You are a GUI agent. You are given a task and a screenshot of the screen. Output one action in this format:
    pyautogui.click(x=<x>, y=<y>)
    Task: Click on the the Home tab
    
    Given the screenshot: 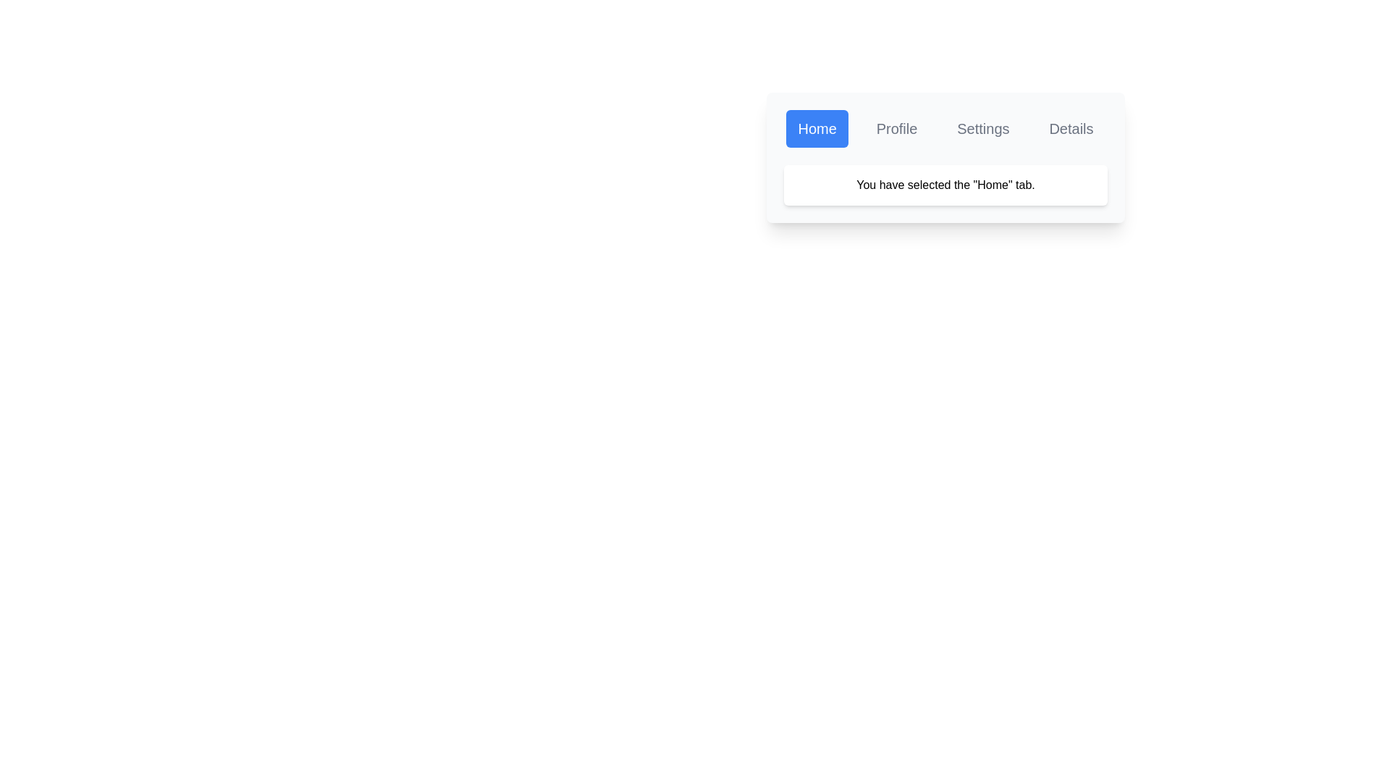 What is the action you would take?
    pyautogui.click(x=817, y=127)
    